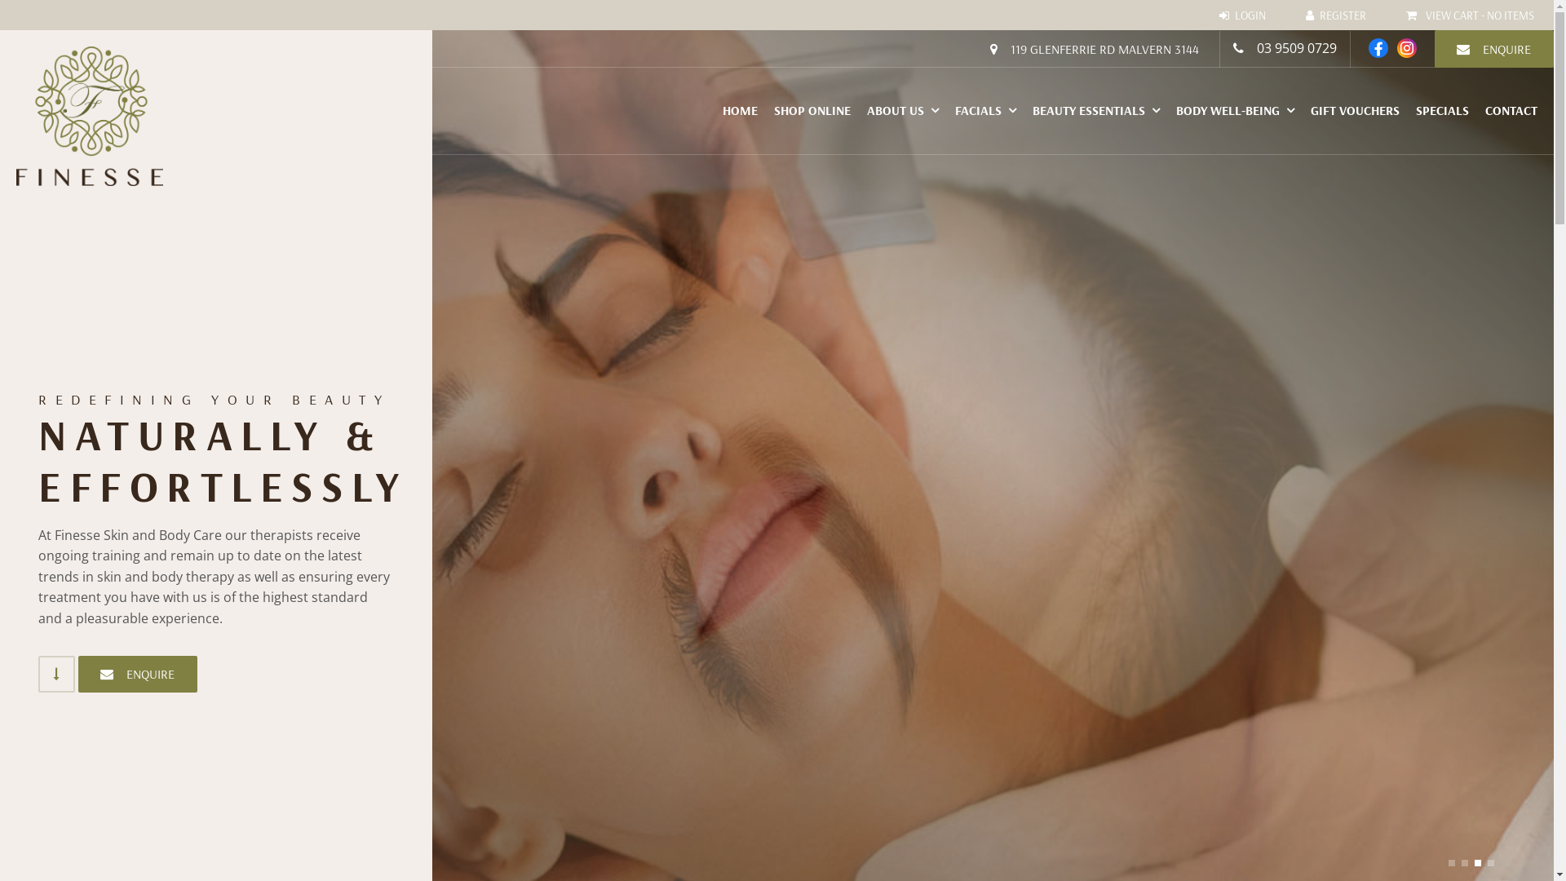 This screenshot has width=1566, height=881. What do you see at coordinates (1096, 110) in the screenshot?
I see `'BEAUTY ESSENTIALS'` at bounding box center [1096, 110].